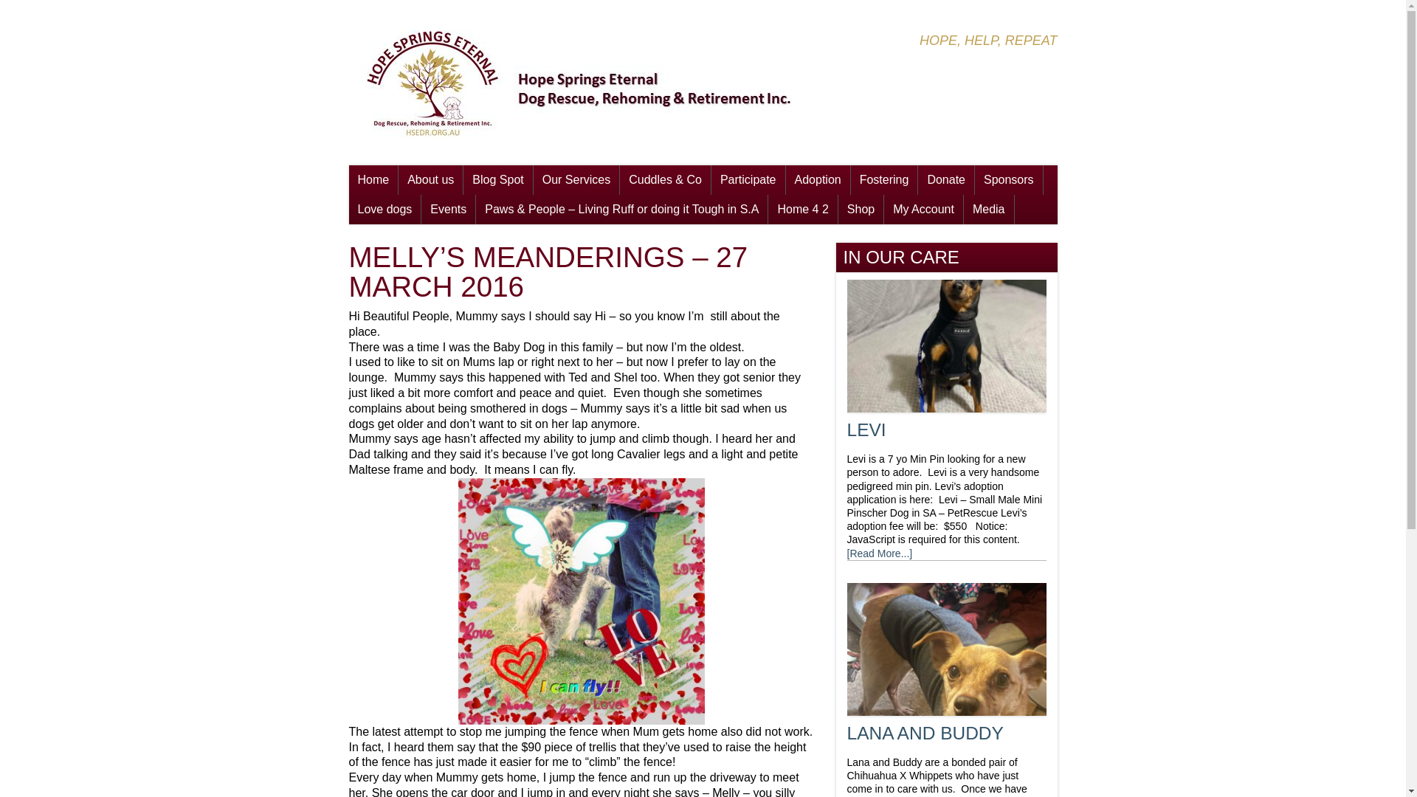 The width and height of the screenshot is (1417, 797). I want to click on 'Shop', so click(838, 210).